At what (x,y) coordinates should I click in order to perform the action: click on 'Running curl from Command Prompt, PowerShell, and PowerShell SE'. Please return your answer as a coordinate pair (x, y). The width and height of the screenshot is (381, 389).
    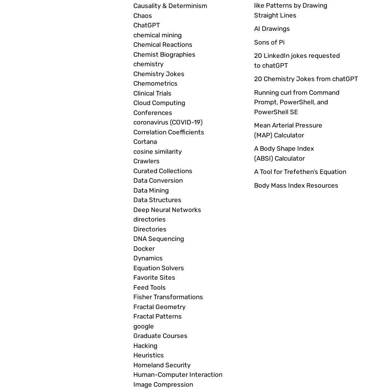
    Looking at the image, I should click on (296, 102).